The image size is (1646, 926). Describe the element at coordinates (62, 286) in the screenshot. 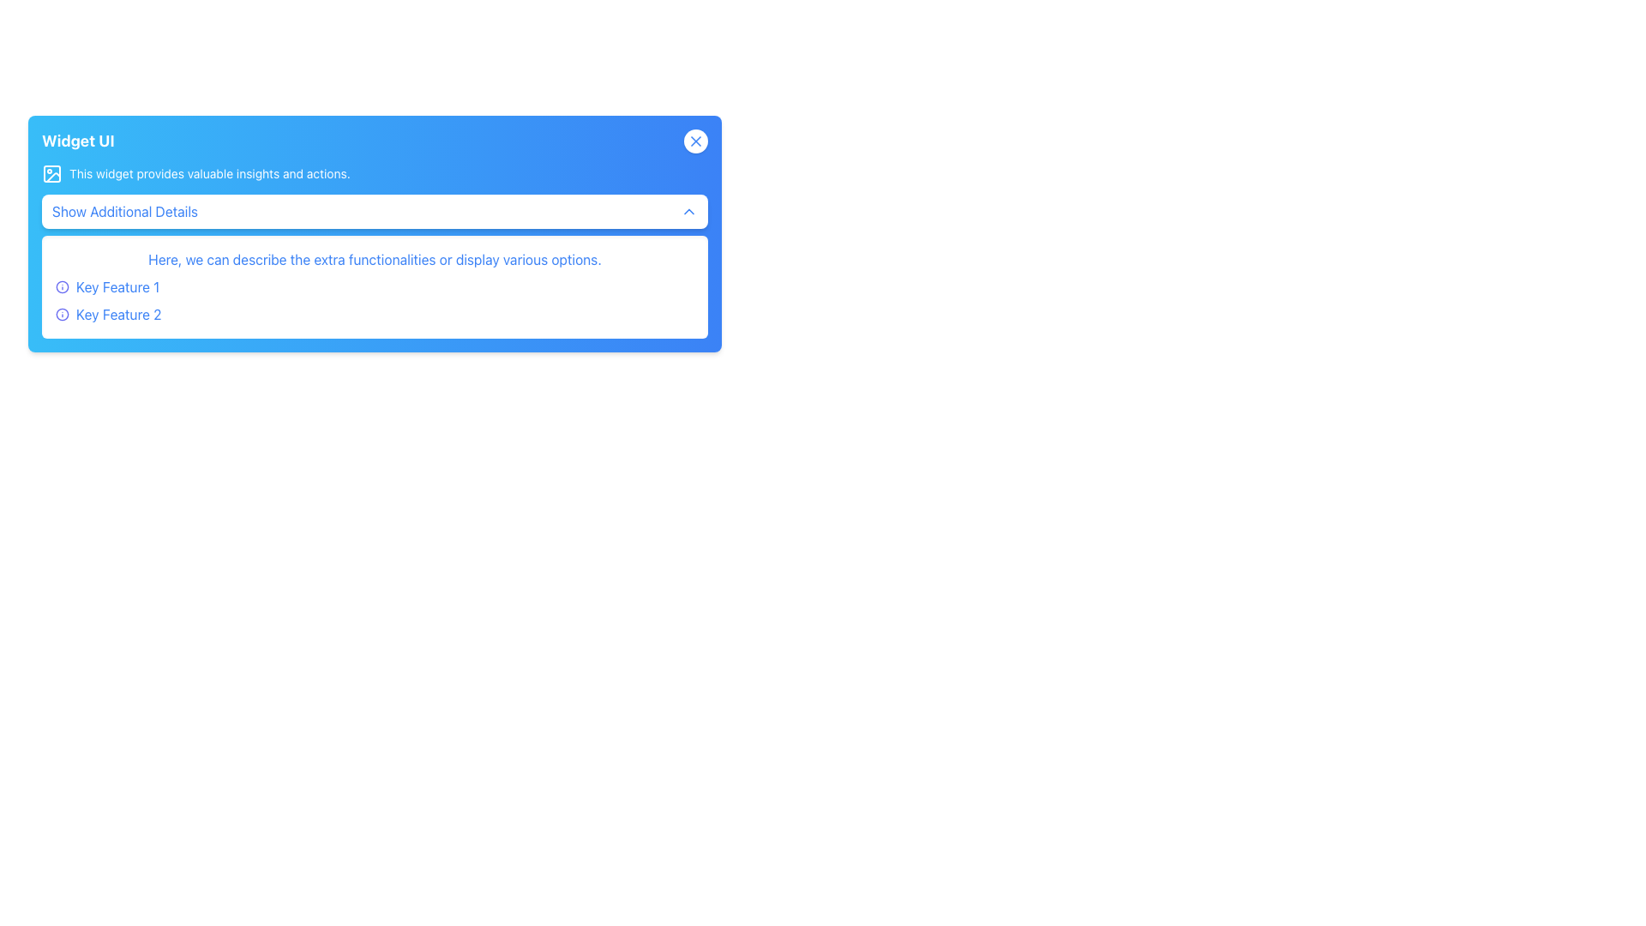

I see `the SVG circle representing the 'info' icon located on the top-left side of the blue widget box` at that location.